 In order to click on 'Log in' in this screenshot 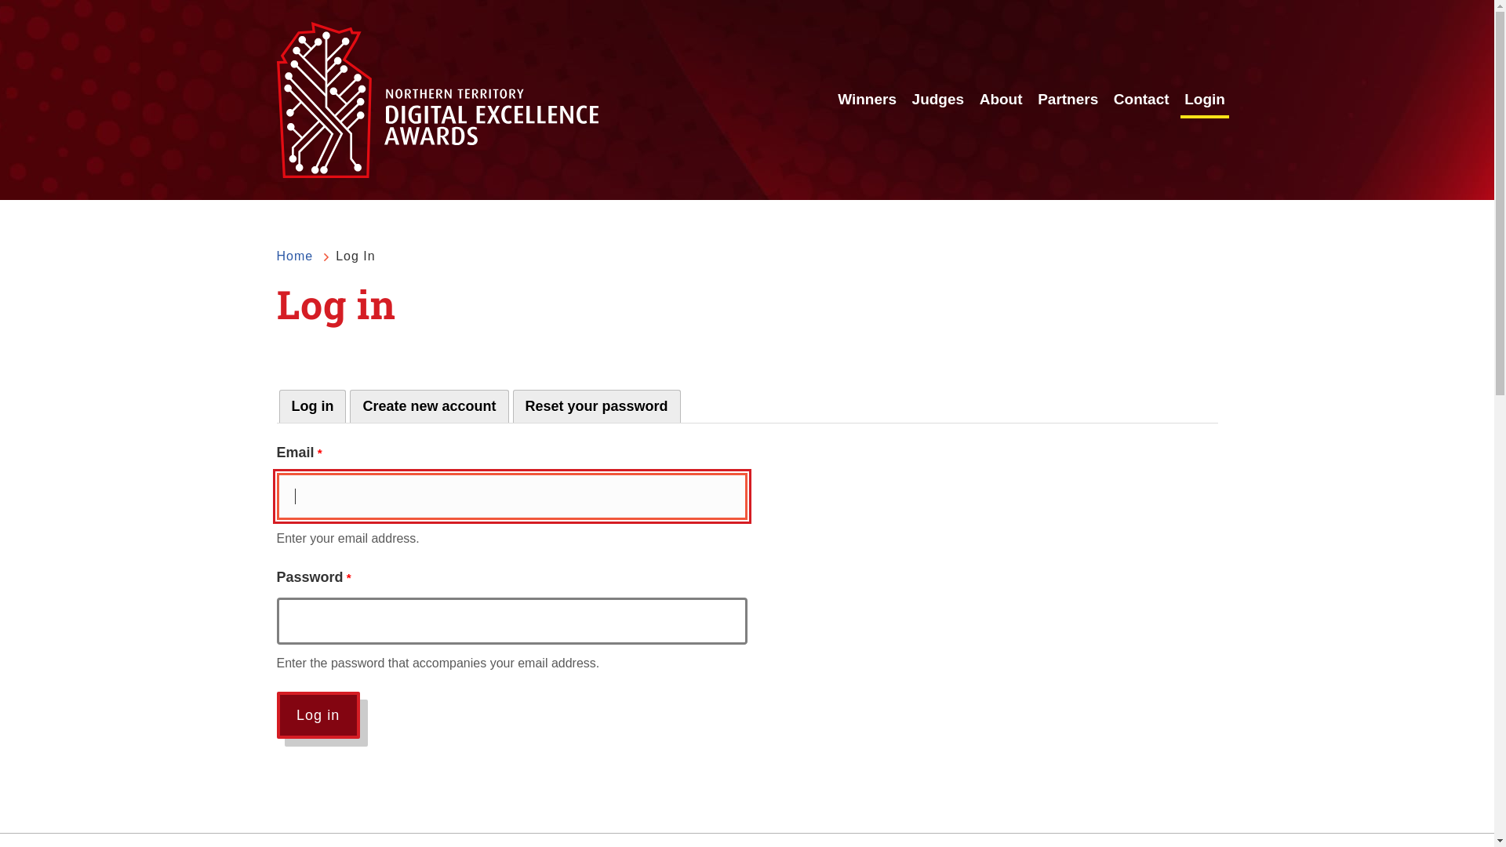, I will do `click(275, 714)`.